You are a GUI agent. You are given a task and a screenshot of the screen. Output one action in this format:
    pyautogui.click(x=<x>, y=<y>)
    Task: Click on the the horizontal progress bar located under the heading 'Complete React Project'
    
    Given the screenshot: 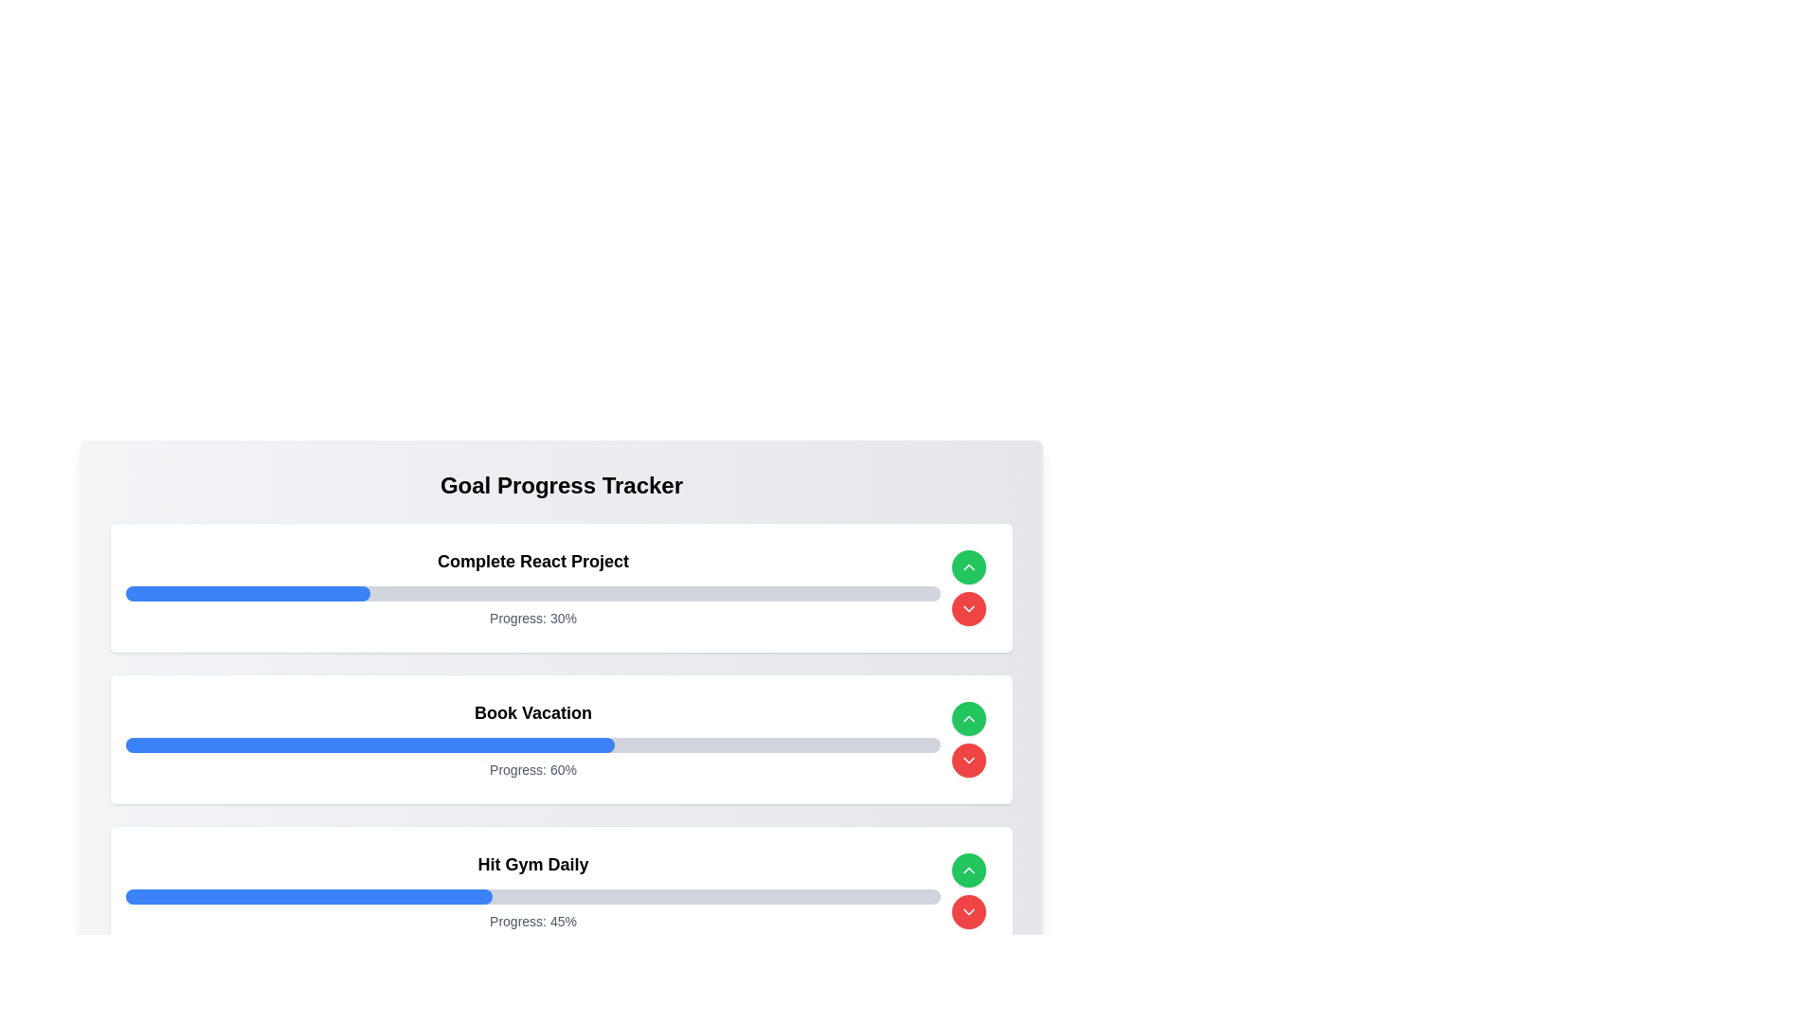 What is the action you would take?
    pyautogui.click(x=531, y=593)
    